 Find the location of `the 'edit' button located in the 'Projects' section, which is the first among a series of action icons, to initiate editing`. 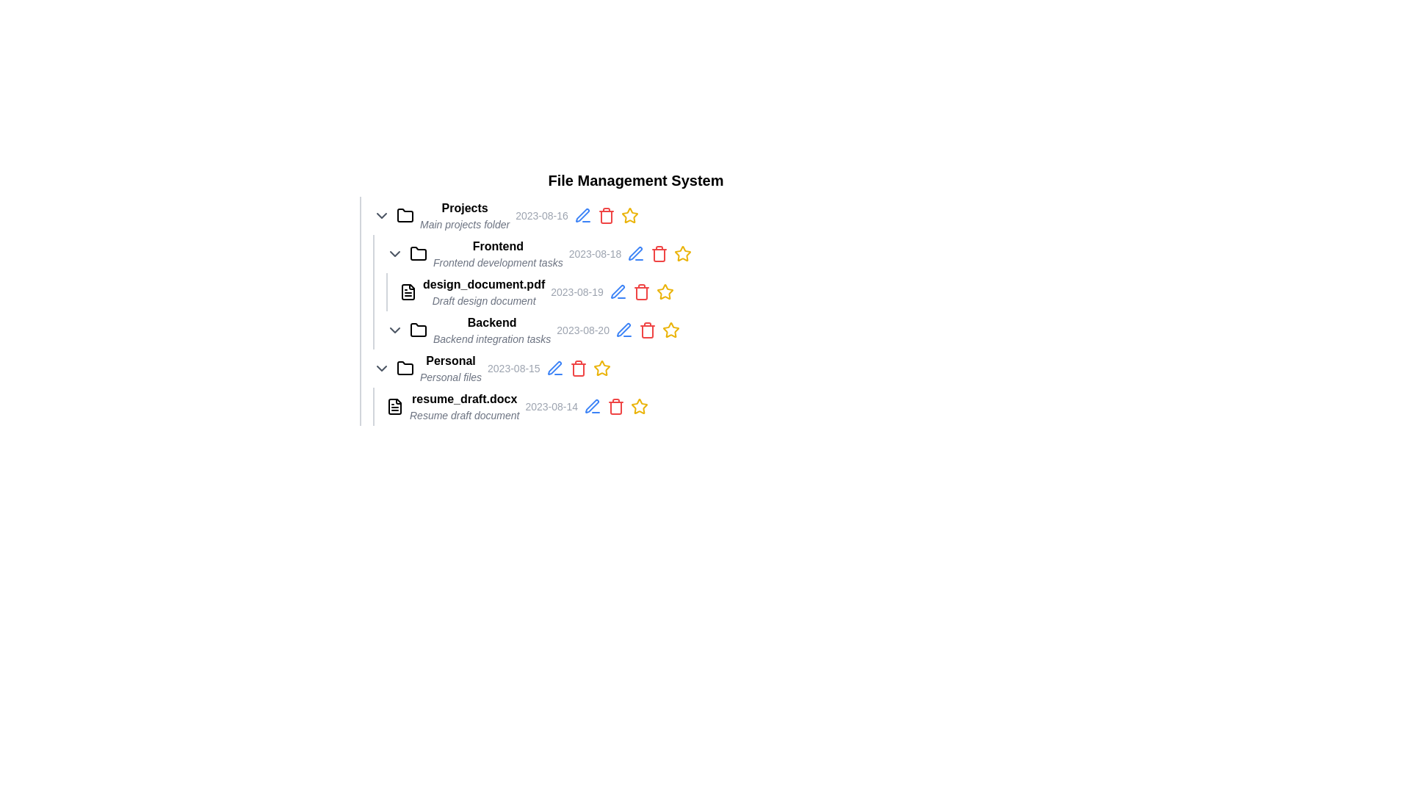

the 'edit' button located in the 'Projects' section, which is the first among a series of action icons, to initiate editing is located at coordinates (582, 215).